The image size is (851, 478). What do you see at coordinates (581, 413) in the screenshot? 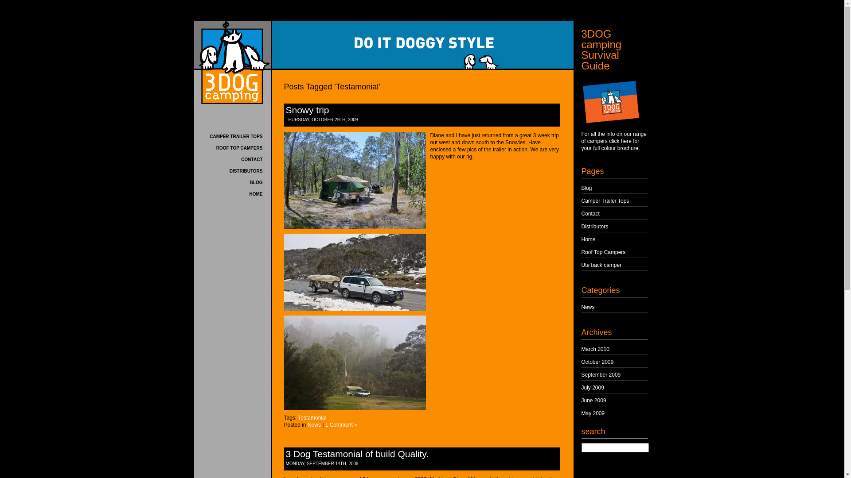
I see `'May 2009'` at bounding box center [581, 413].